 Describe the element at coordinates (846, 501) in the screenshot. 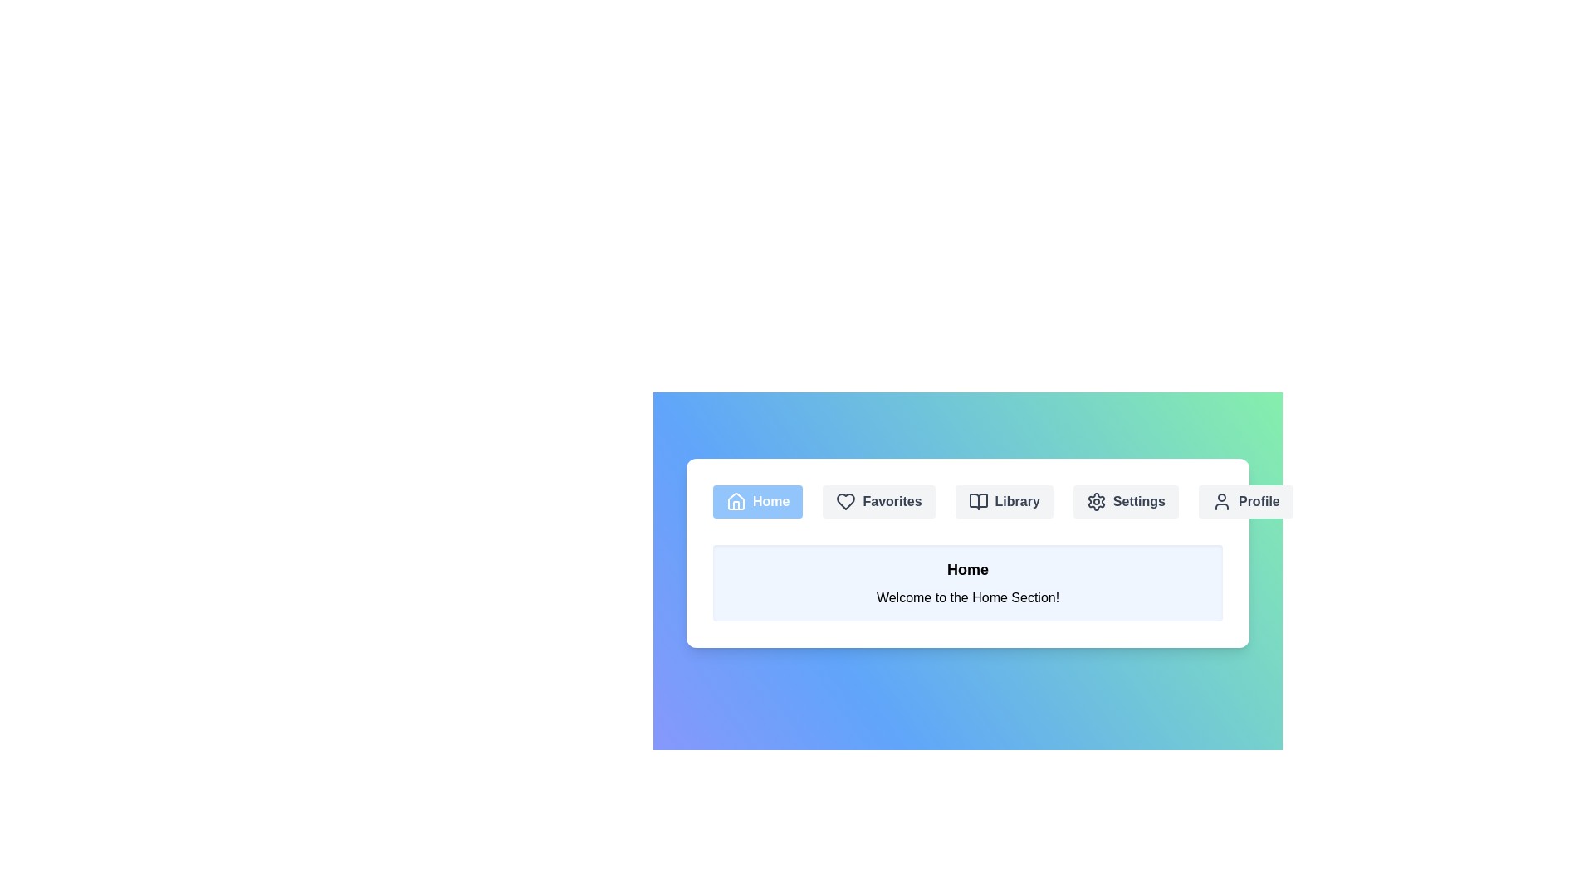

I see `the heart-shaped icon with a dark gray stroke, located within the 'Favorites' button, positioned to the left of the text 'Favorites'` at that location.